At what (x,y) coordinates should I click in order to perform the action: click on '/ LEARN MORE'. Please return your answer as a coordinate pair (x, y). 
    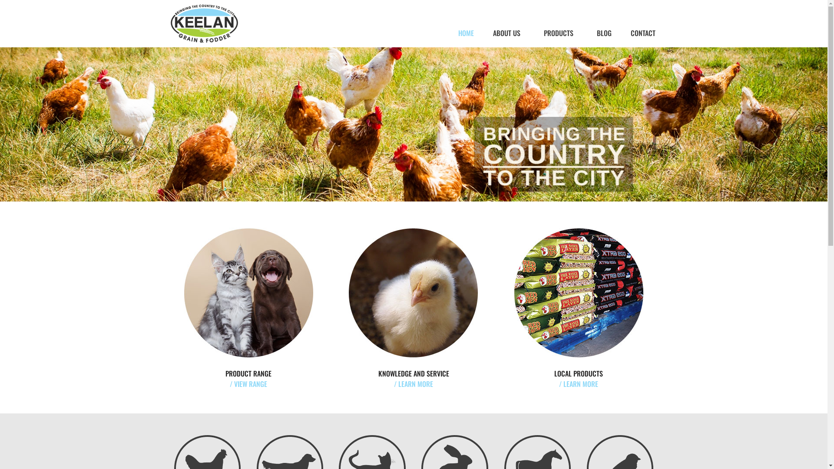
    Looking at the image, I should click on (578, 383).